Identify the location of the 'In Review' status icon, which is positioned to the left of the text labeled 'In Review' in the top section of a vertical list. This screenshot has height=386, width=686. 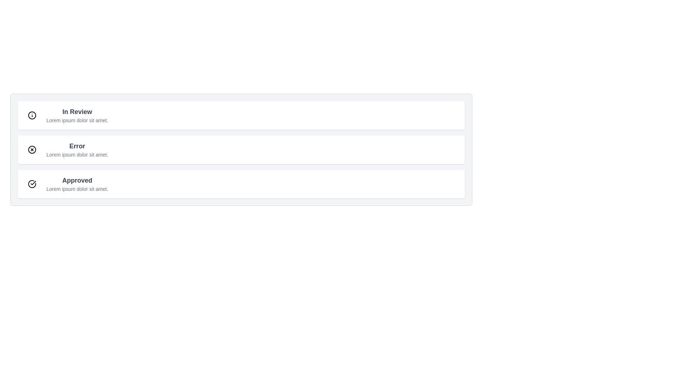
(32, 115).